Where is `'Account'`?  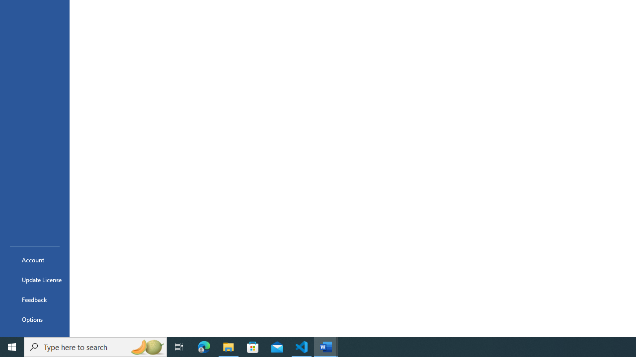 'Account' is located at coordinates (34, 259).